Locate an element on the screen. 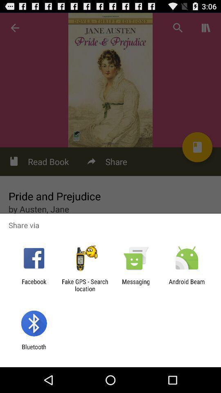 This screenshot has width=221, height=393. the item next to android beam is located at coordinates (136, 285).